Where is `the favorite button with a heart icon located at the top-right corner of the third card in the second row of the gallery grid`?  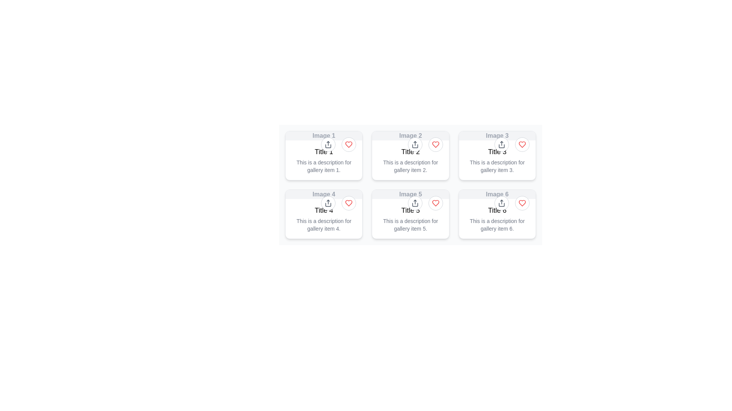 the favorite button with a heart icon located at the top-right corner of the third card in the second row of the gallery grid is located at coordinates (522, 202).